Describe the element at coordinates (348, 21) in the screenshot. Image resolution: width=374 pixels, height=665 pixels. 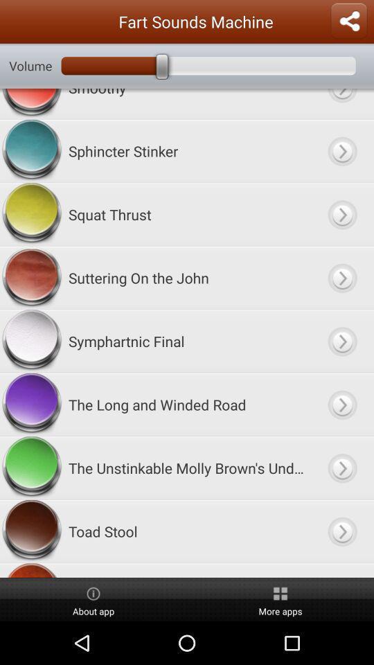
I see `icon to the right of fart sounds machine icon` at that location.